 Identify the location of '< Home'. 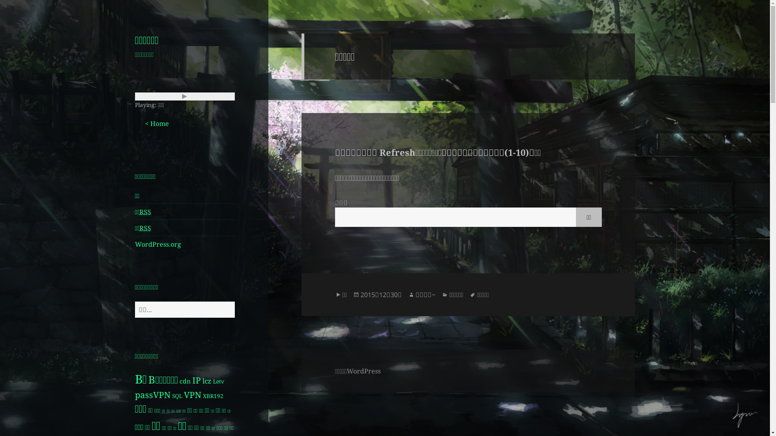
(157, 123).